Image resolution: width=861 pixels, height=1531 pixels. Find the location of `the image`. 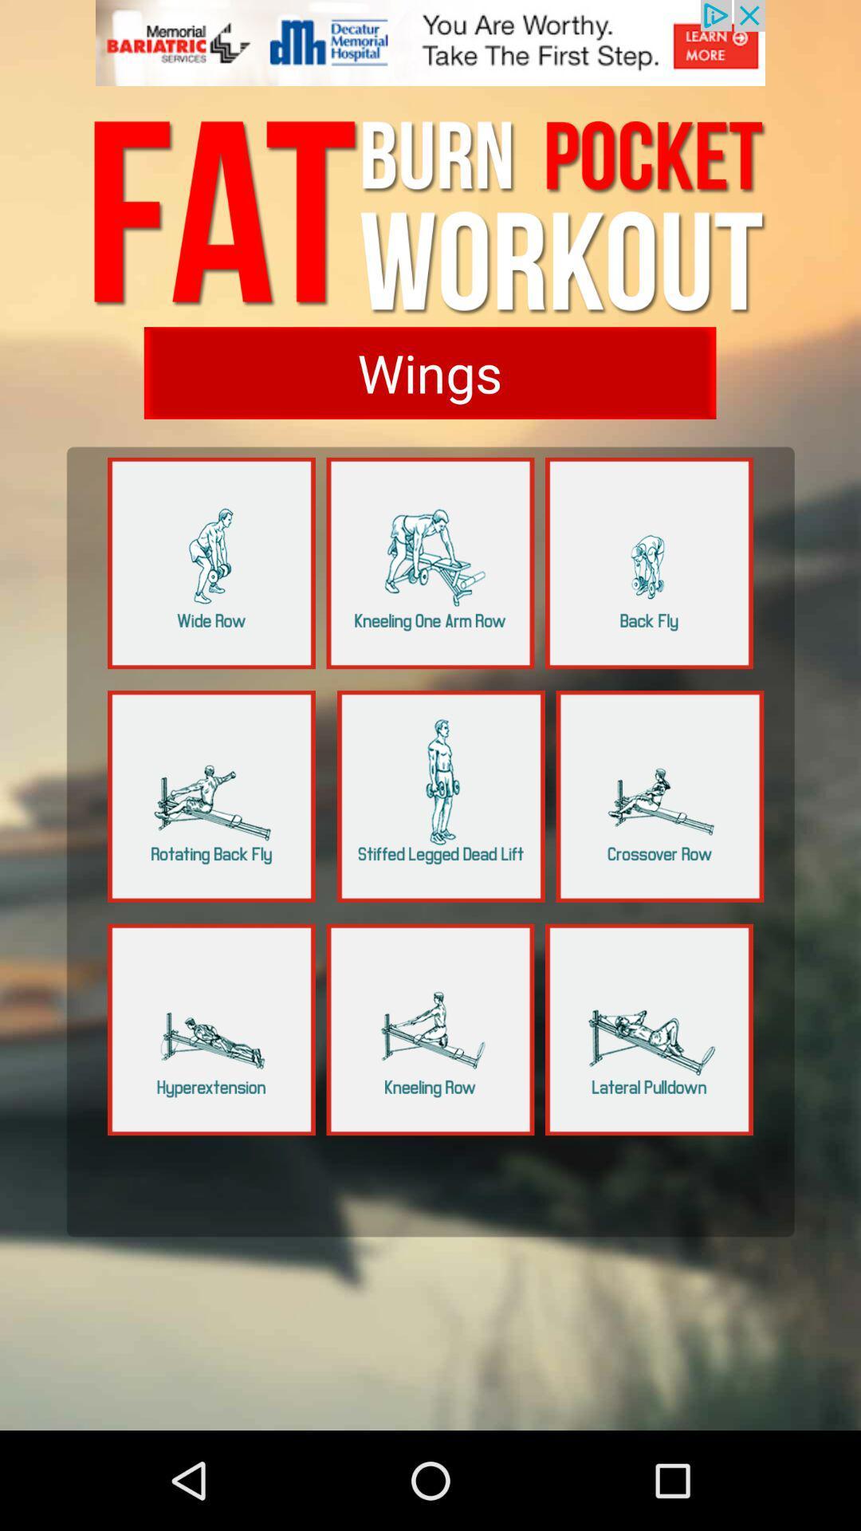

the image is located at coordinates (441, 796).